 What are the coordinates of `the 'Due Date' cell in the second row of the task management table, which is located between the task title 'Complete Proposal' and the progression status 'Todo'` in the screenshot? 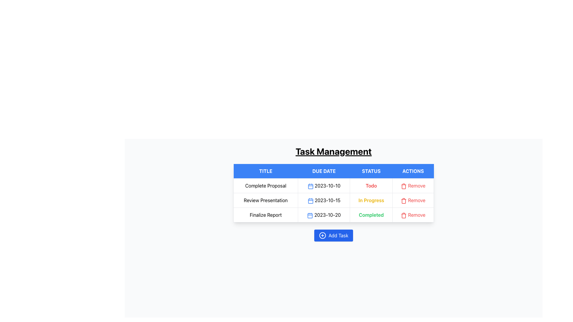 It's located at (333, 193).